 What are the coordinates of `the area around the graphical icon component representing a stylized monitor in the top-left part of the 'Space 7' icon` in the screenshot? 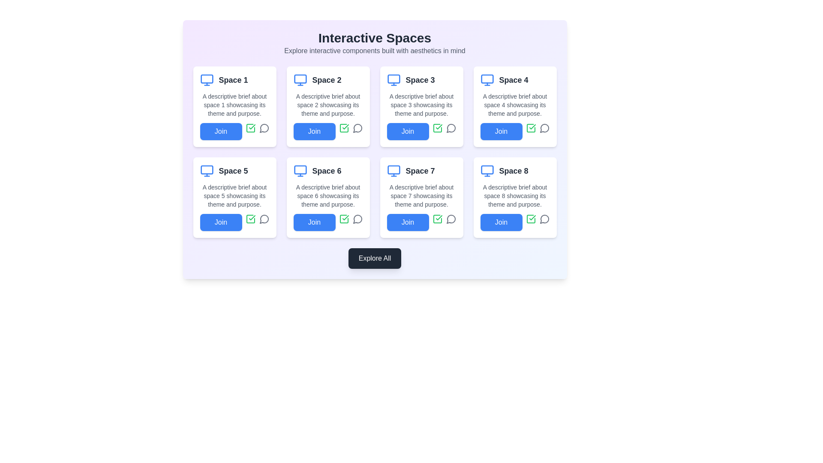 It's located at (393, 170).